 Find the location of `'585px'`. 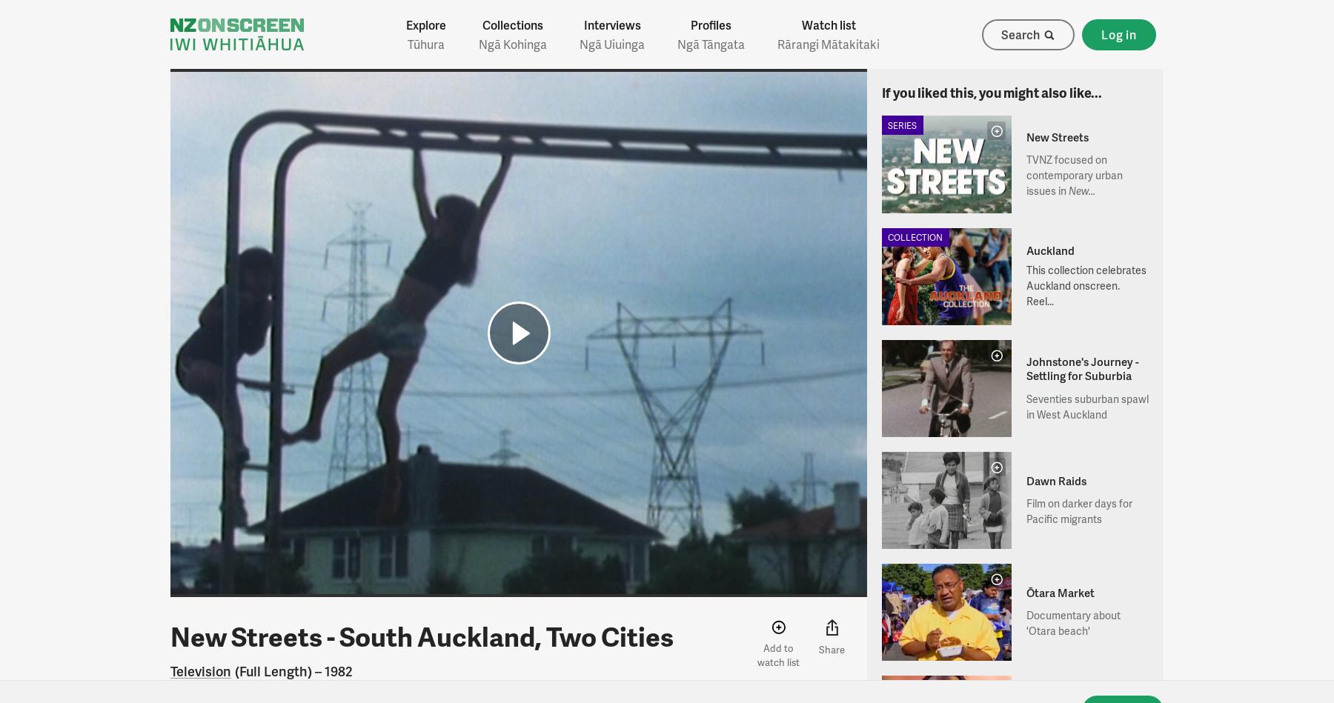

'585px' is located at coordinates (515, 556).